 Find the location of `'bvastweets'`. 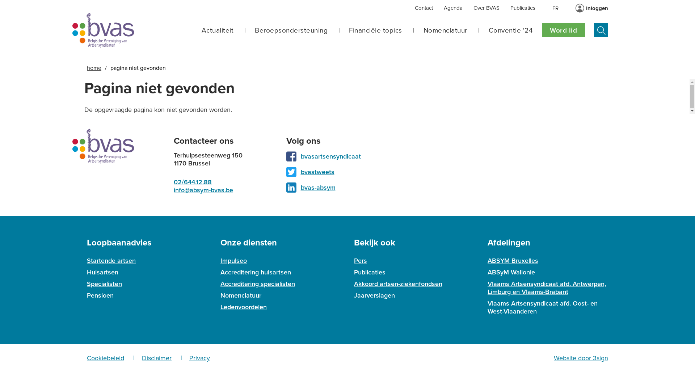

'bvastweets' is located at coordinates (300, 172).